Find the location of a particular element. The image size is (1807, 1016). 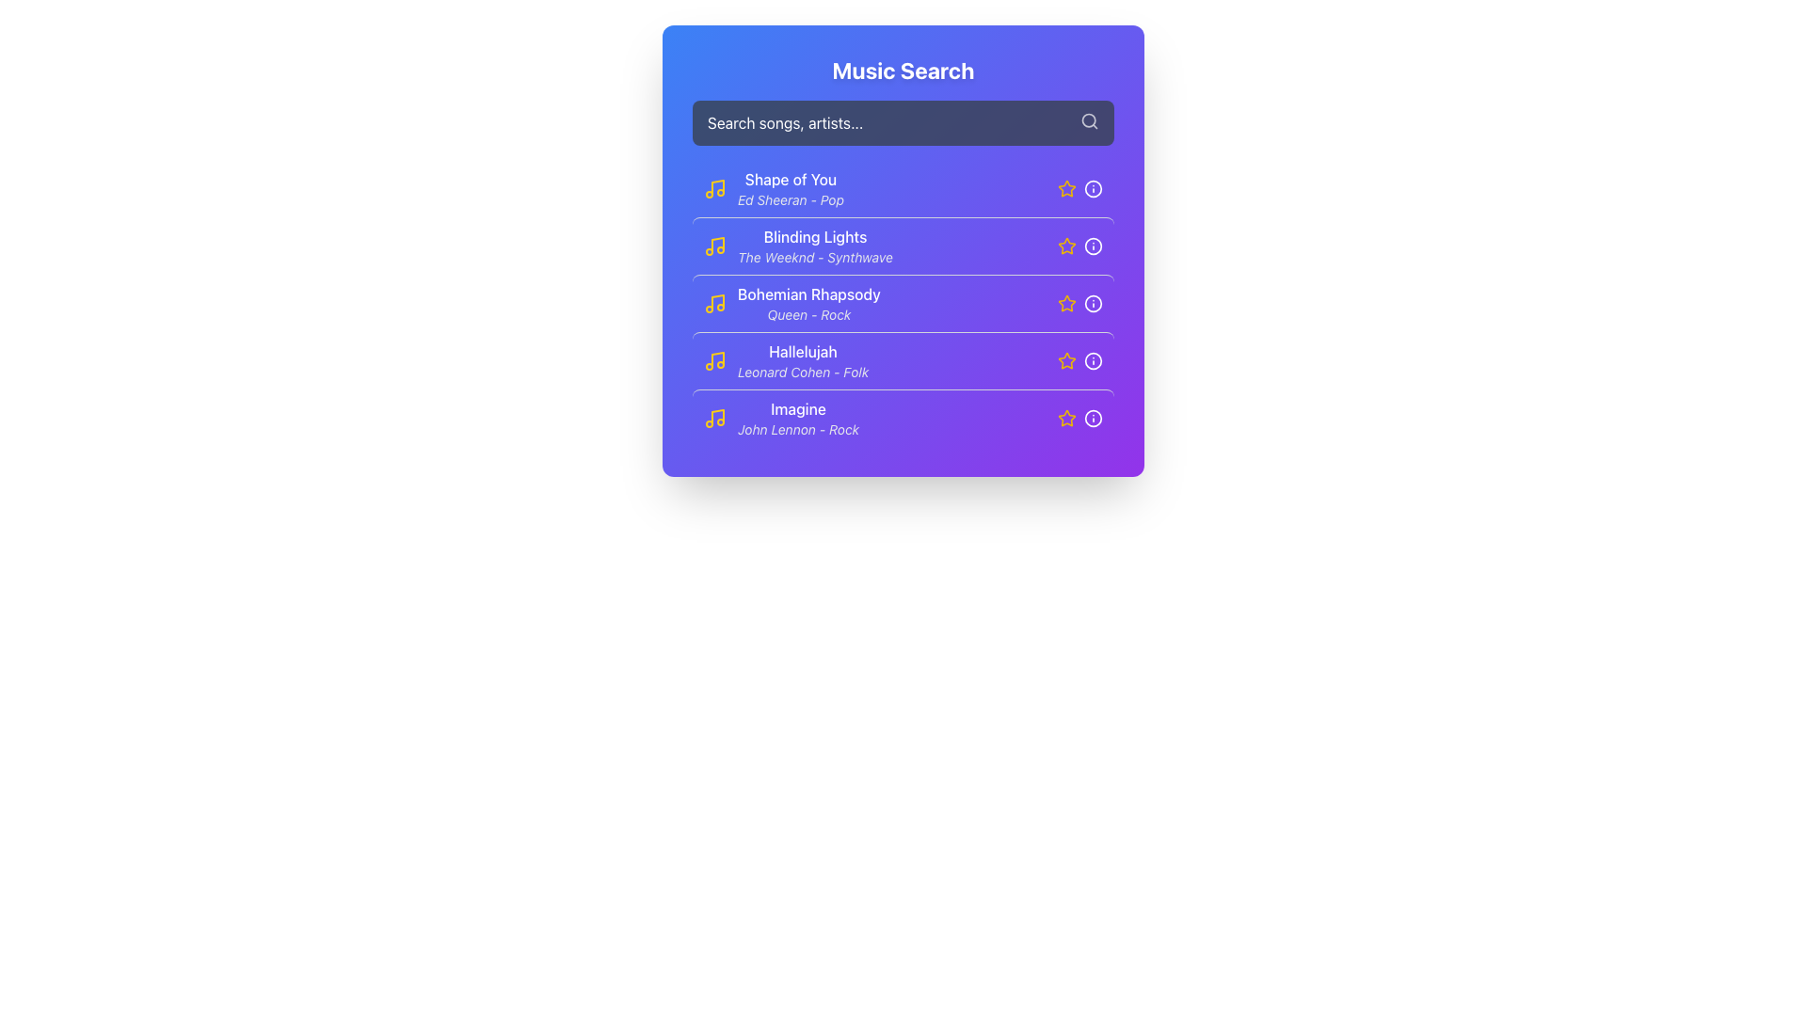

the music note icon located to the left of the song title 'Blinding Lights' by 'The Weeknd' in the second position of the vertical list is located at coordinates (713, 246).